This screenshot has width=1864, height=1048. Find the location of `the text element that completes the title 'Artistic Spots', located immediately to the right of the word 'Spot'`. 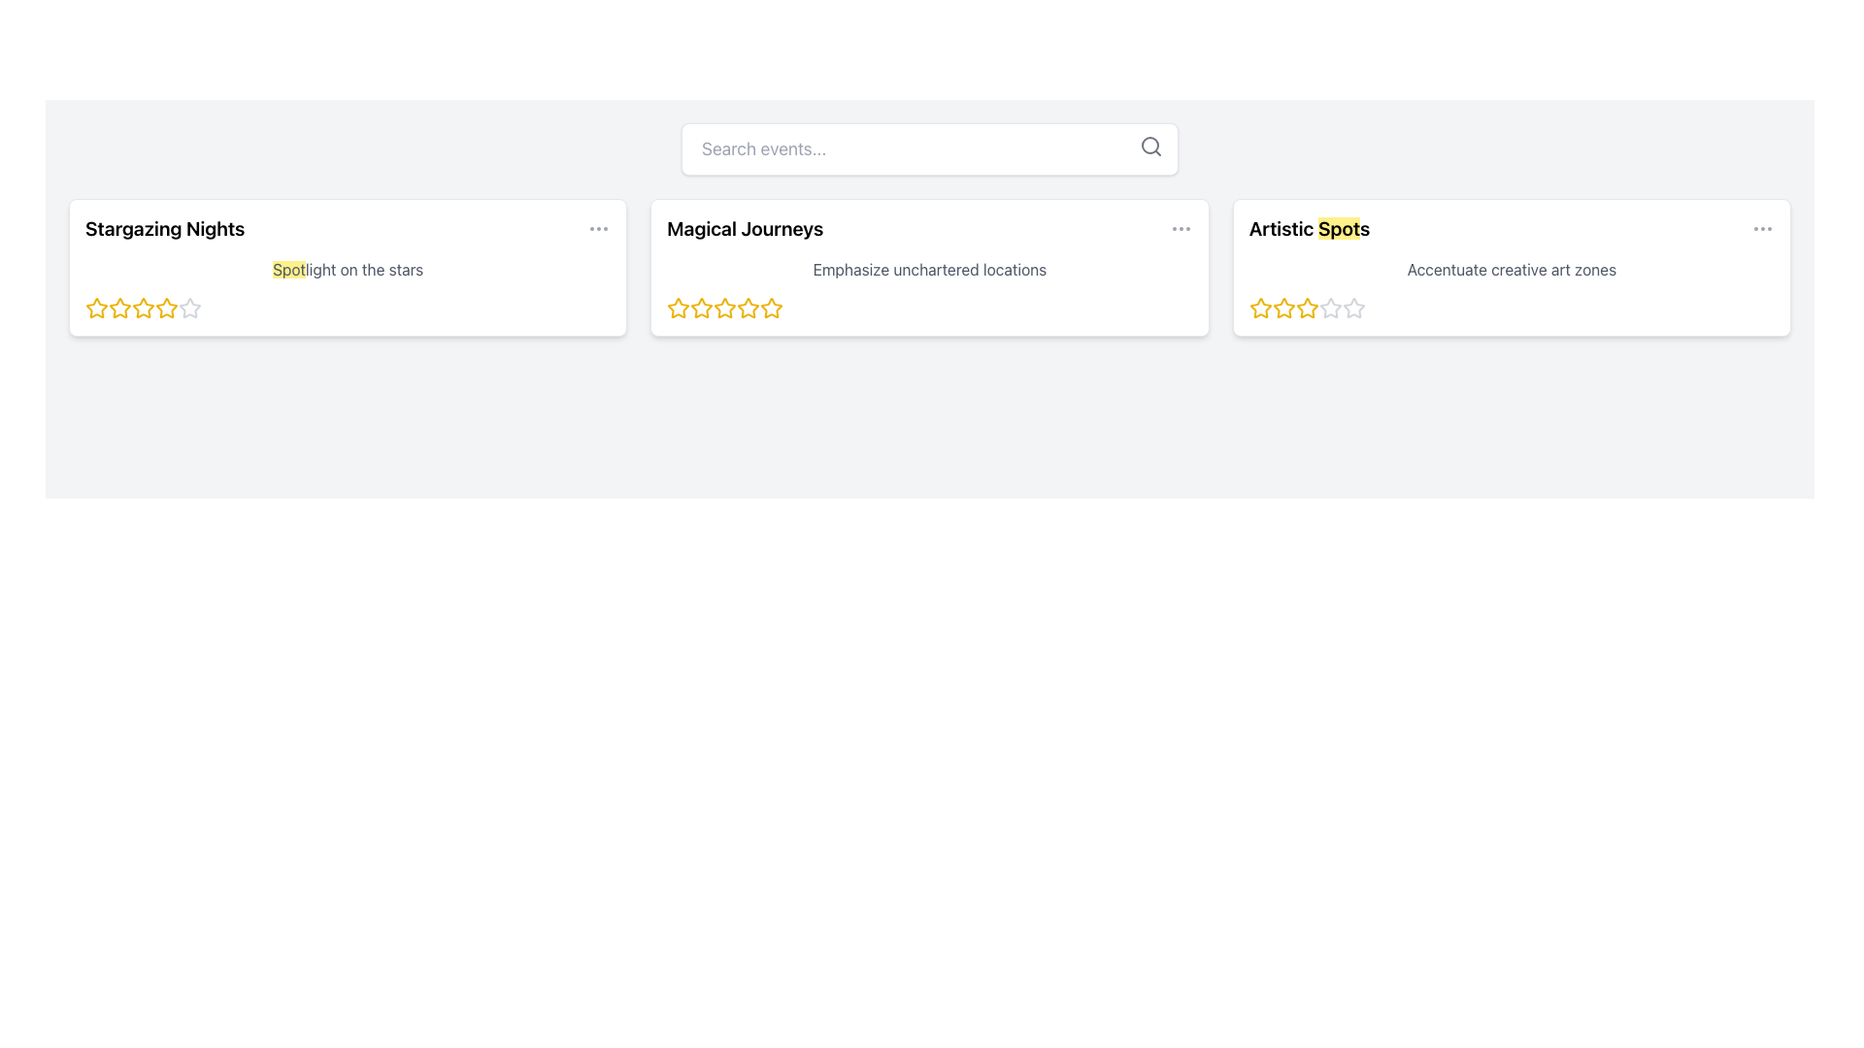

the text element that completes the title 'Artistic Spots', located immediately to the right of the word 'Spot' is located at coordinates (1364, 227).